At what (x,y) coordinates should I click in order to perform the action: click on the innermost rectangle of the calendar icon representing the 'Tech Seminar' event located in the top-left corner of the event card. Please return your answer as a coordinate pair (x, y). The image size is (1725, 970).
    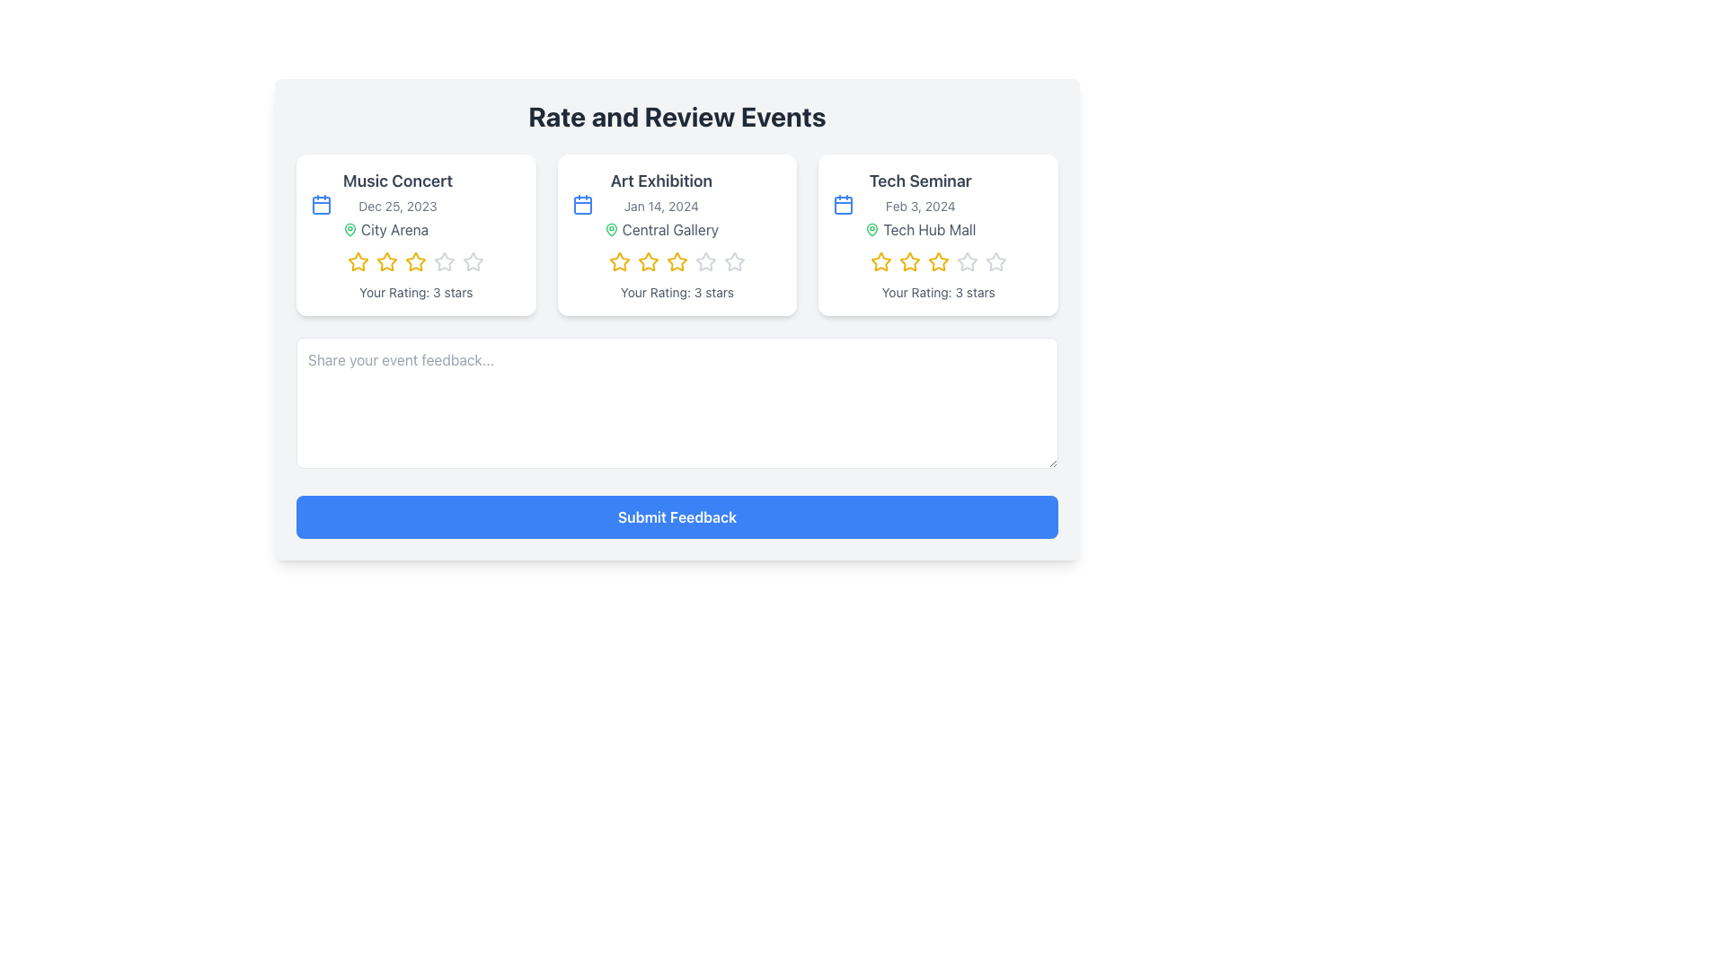
    Looking at the image, I should click on (843, 204).